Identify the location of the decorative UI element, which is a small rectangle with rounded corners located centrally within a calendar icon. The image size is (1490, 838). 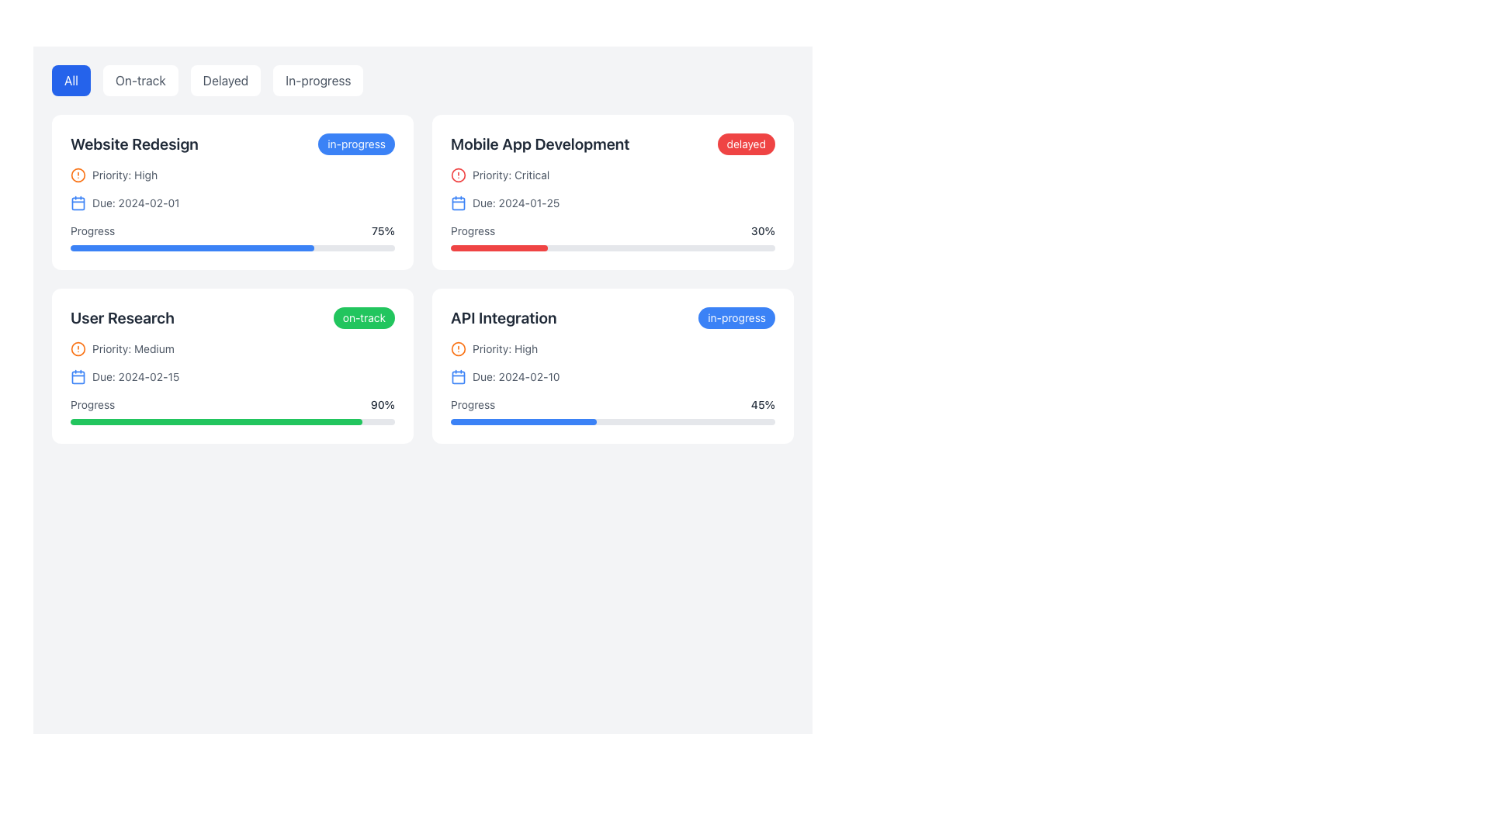
(457, 203).